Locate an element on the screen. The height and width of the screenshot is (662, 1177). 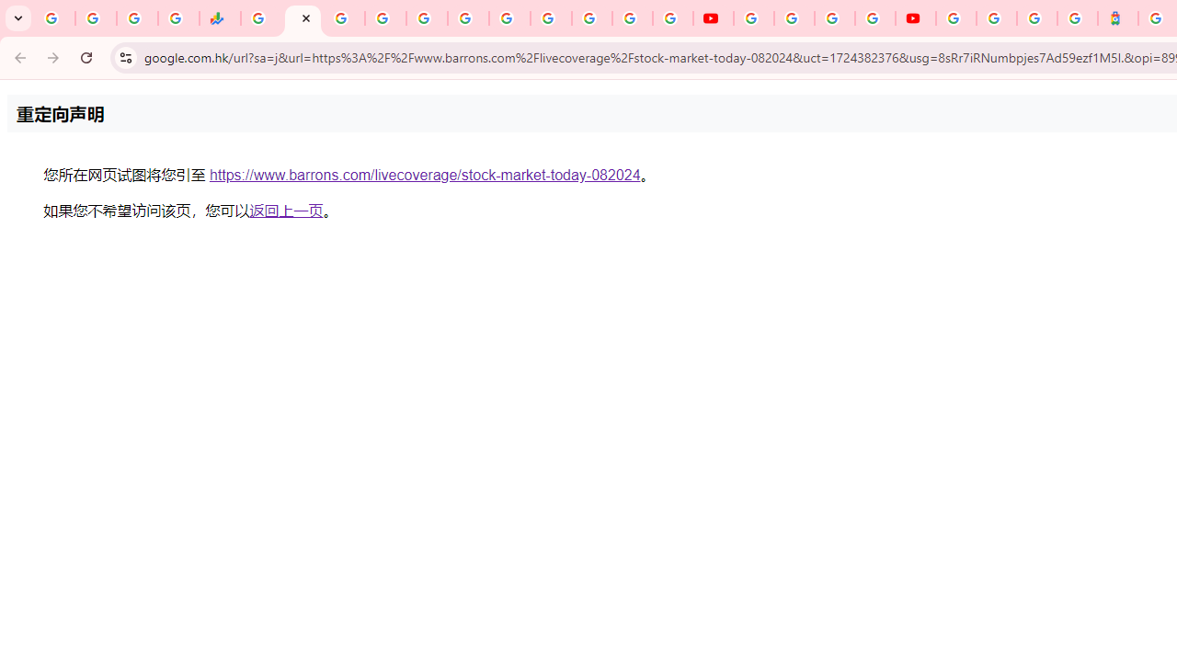
'Atour Hotel - Google hotels' is located at coordinates (1117, 18).